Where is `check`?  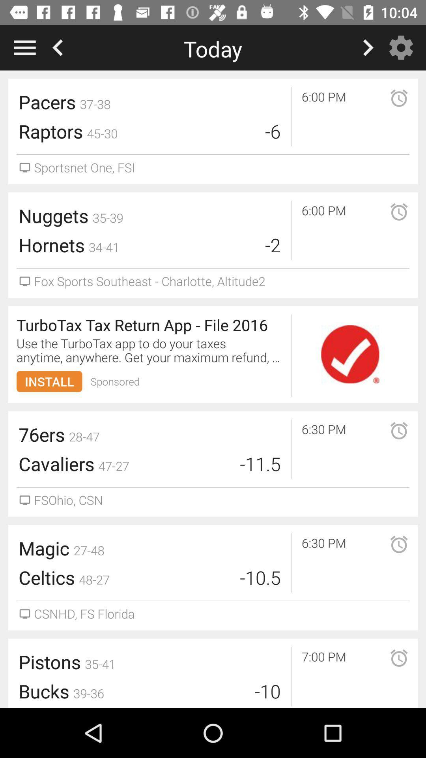 check is located at coordinates (349, 354).